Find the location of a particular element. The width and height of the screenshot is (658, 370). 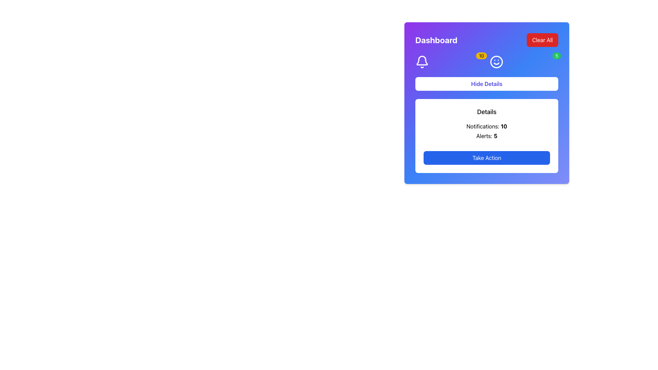

displayed number '10' on the circular badge with a yellow background, positioned at the top-right corner of the notification bell icon is located at coordinates (481, 55).